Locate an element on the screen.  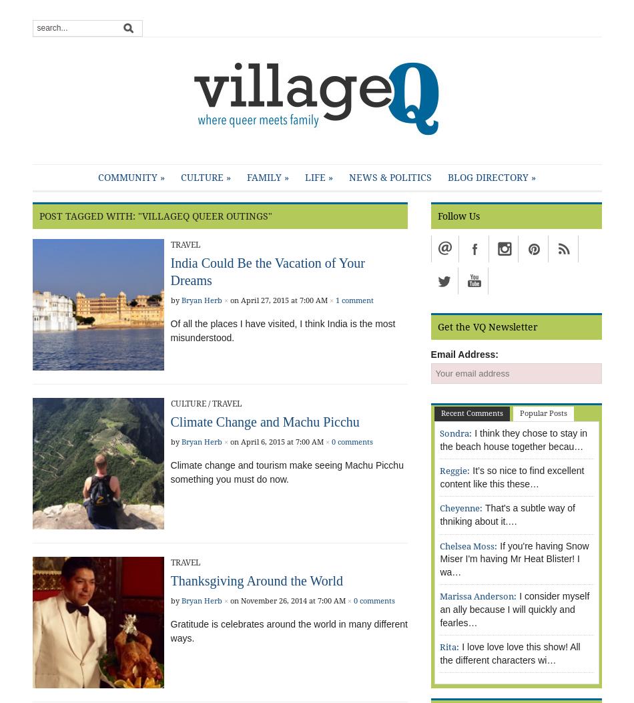
'Get the VQ Newsletter' is located at coordinates (486, 326).